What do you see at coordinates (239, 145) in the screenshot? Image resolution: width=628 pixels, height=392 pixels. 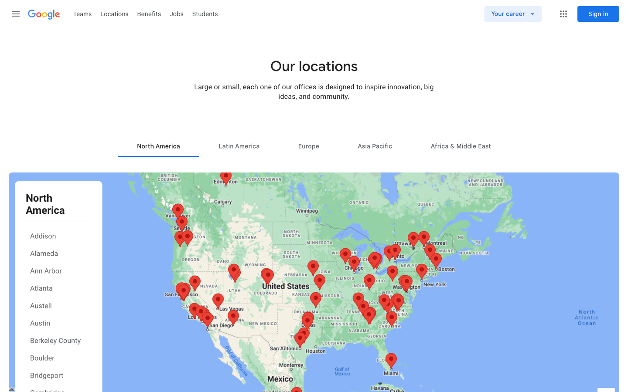 I see `Inspect the job opportunities in Latin America Region` at bounding box center [239, 145].